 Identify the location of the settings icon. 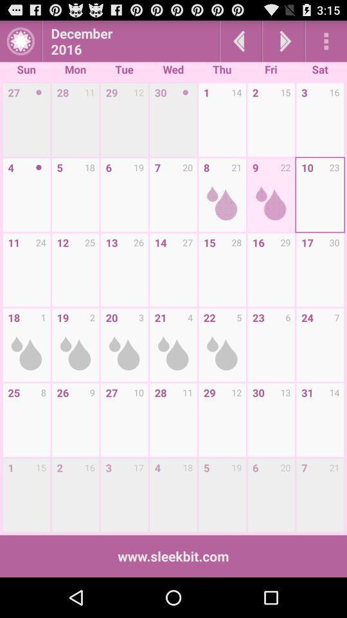
(20, 44).